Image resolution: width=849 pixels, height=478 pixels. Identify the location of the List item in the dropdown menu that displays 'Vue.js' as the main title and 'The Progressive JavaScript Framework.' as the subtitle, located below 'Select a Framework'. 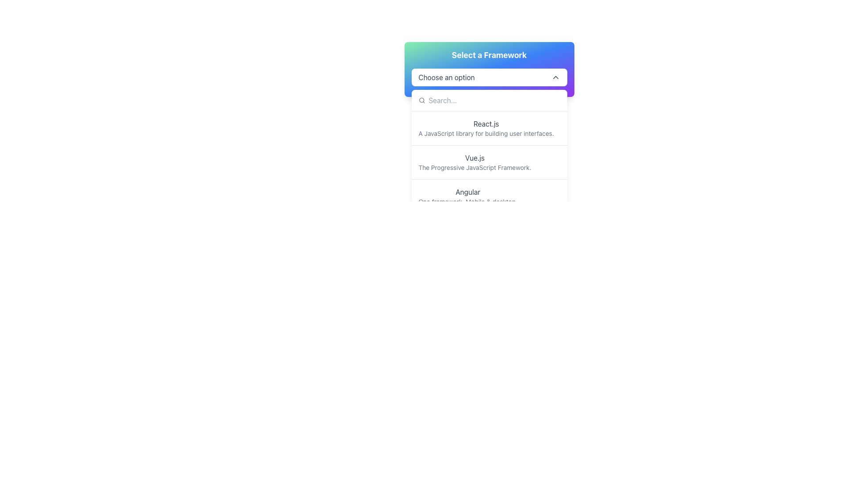
(489, 162).